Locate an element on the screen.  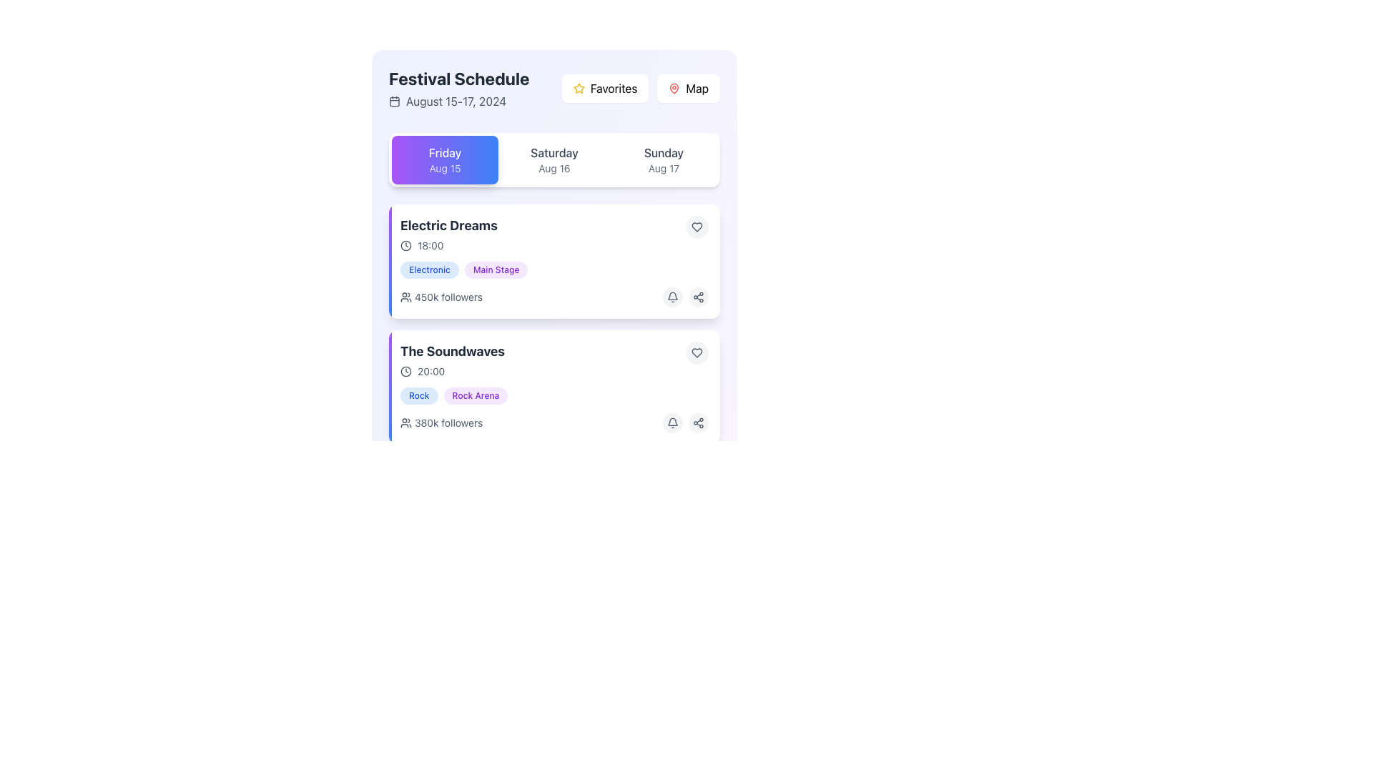
the star icon in the header section of the interface, which is part of the 'Favorites' button, to mark an entity as a favorite is located at coordinates (579, 88).